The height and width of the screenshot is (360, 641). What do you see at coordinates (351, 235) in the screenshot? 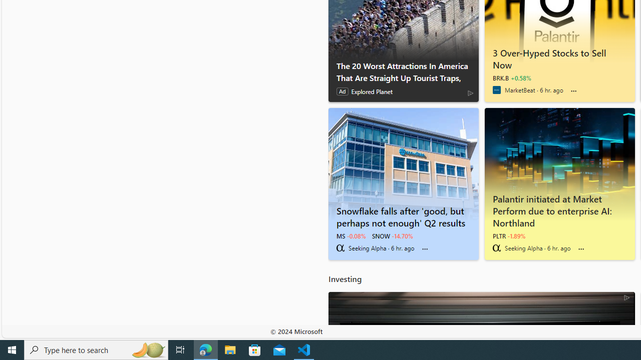
I see `'MS -0.08%'` at bounding box center [351, 235].